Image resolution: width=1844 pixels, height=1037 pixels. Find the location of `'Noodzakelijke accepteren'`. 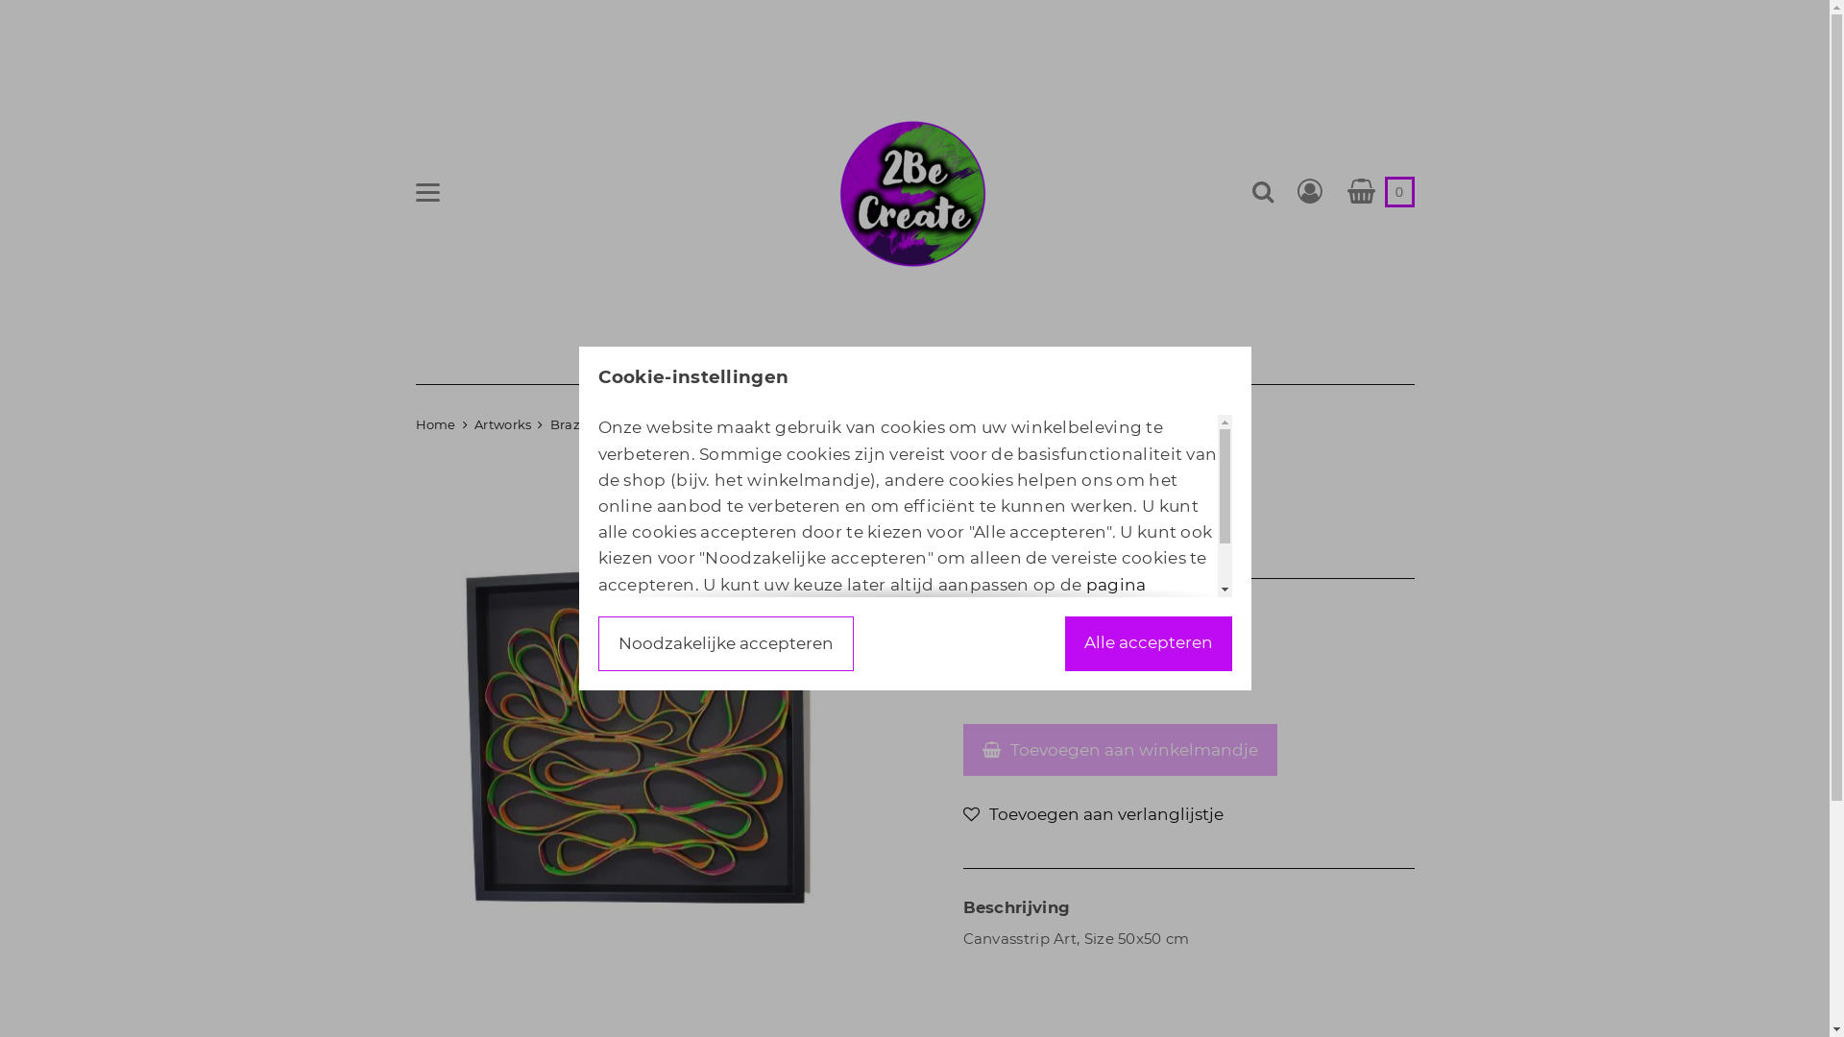

'Noodzakelijke accepteren' is located at coordinates (596, 643).